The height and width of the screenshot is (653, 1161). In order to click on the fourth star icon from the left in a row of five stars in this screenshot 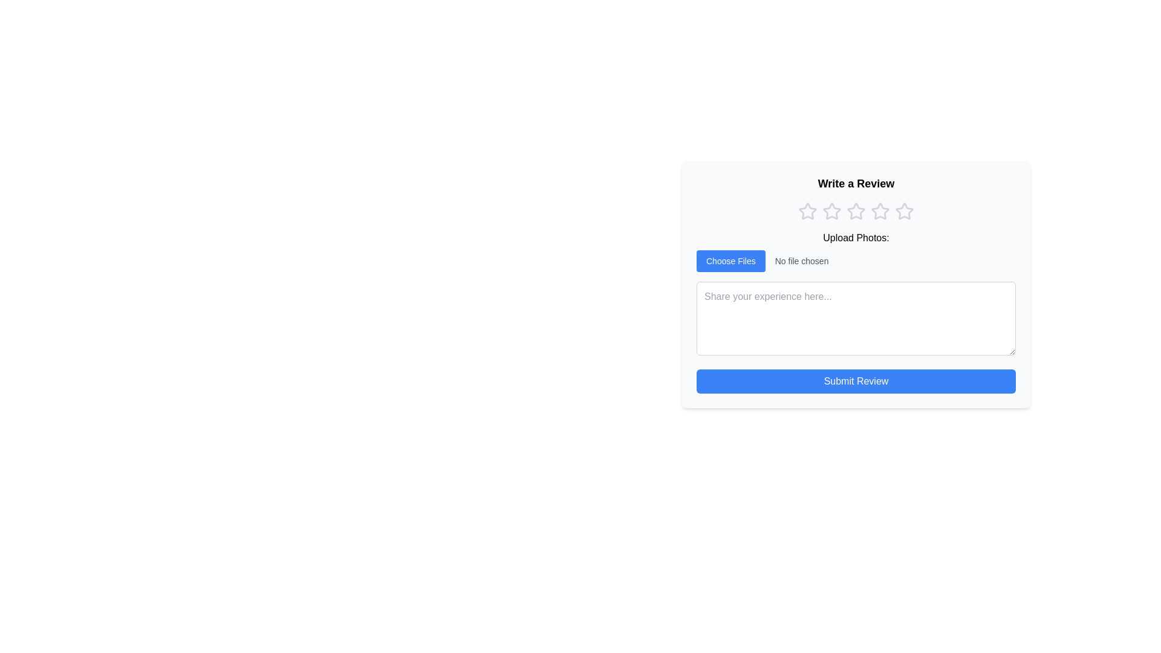, I will do `click(880, 210)`.